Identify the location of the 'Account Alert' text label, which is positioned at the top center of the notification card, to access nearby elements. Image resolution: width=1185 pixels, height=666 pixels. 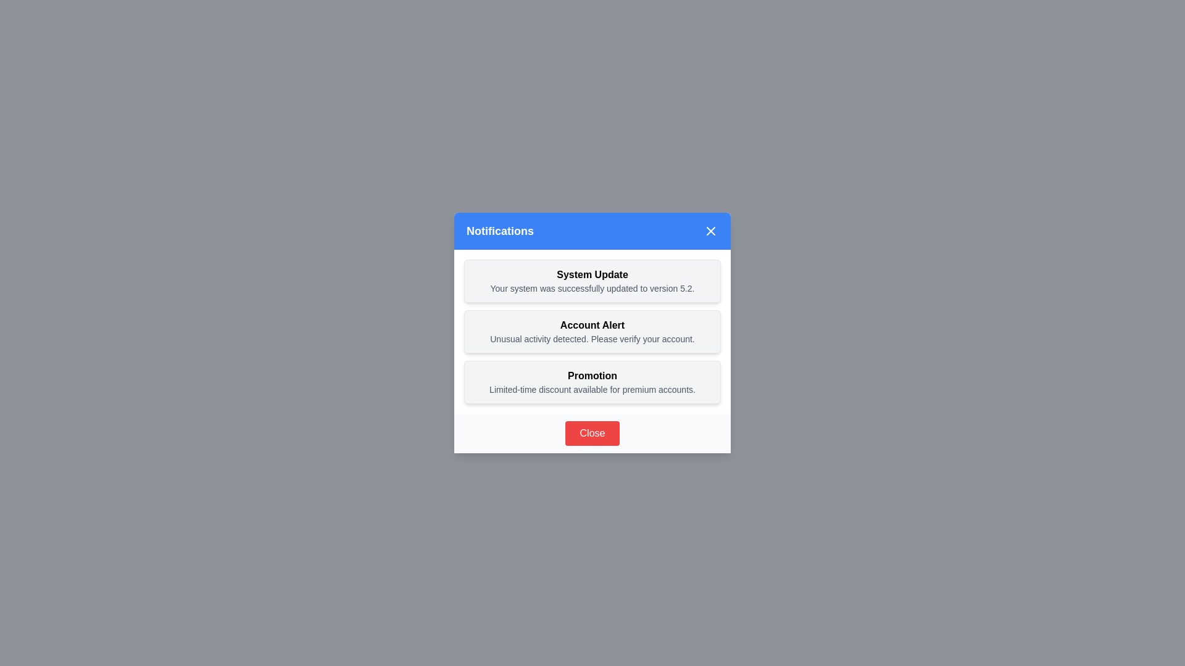
(592, 325).